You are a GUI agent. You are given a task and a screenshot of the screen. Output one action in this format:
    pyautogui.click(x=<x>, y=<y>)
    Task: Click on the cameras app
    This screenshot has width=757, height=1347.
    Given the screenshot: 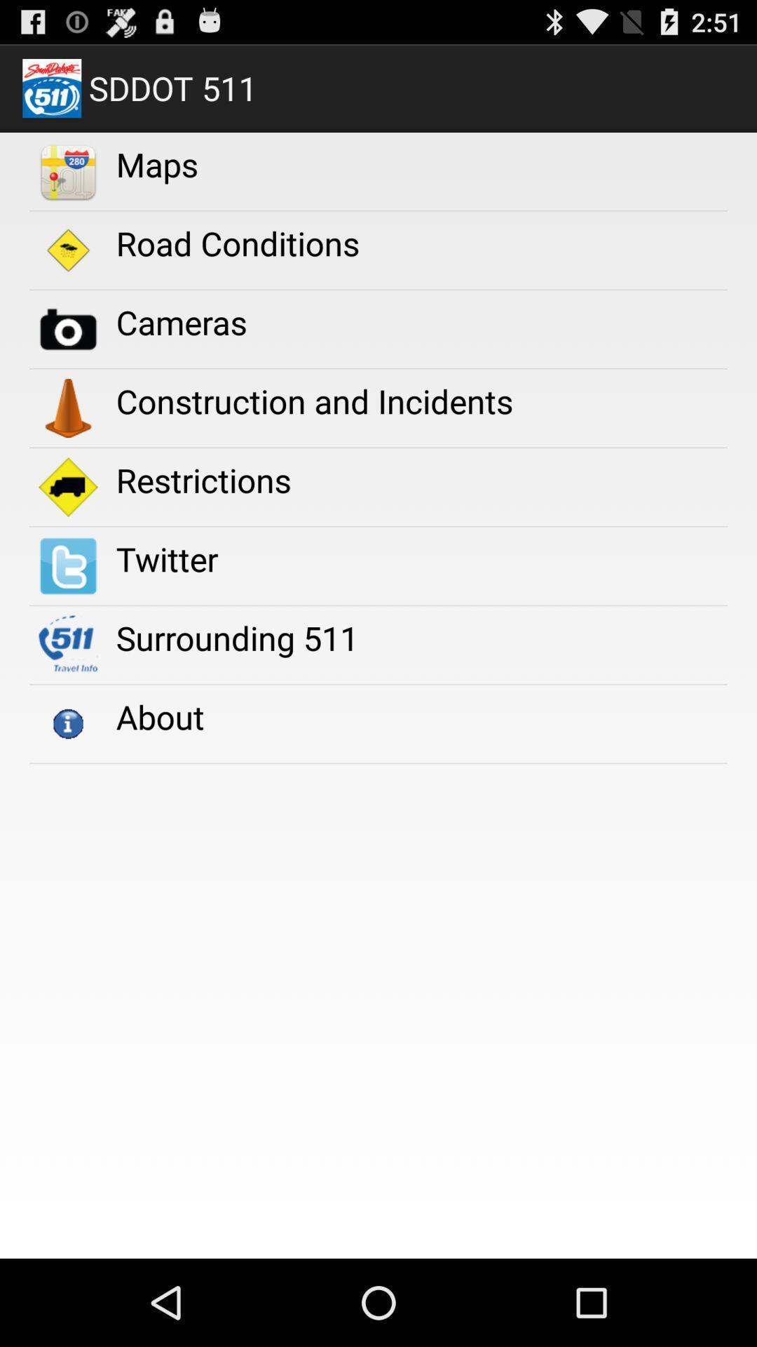 What is the action you would take?
    pyautogui.click(x=181, y=321)
    